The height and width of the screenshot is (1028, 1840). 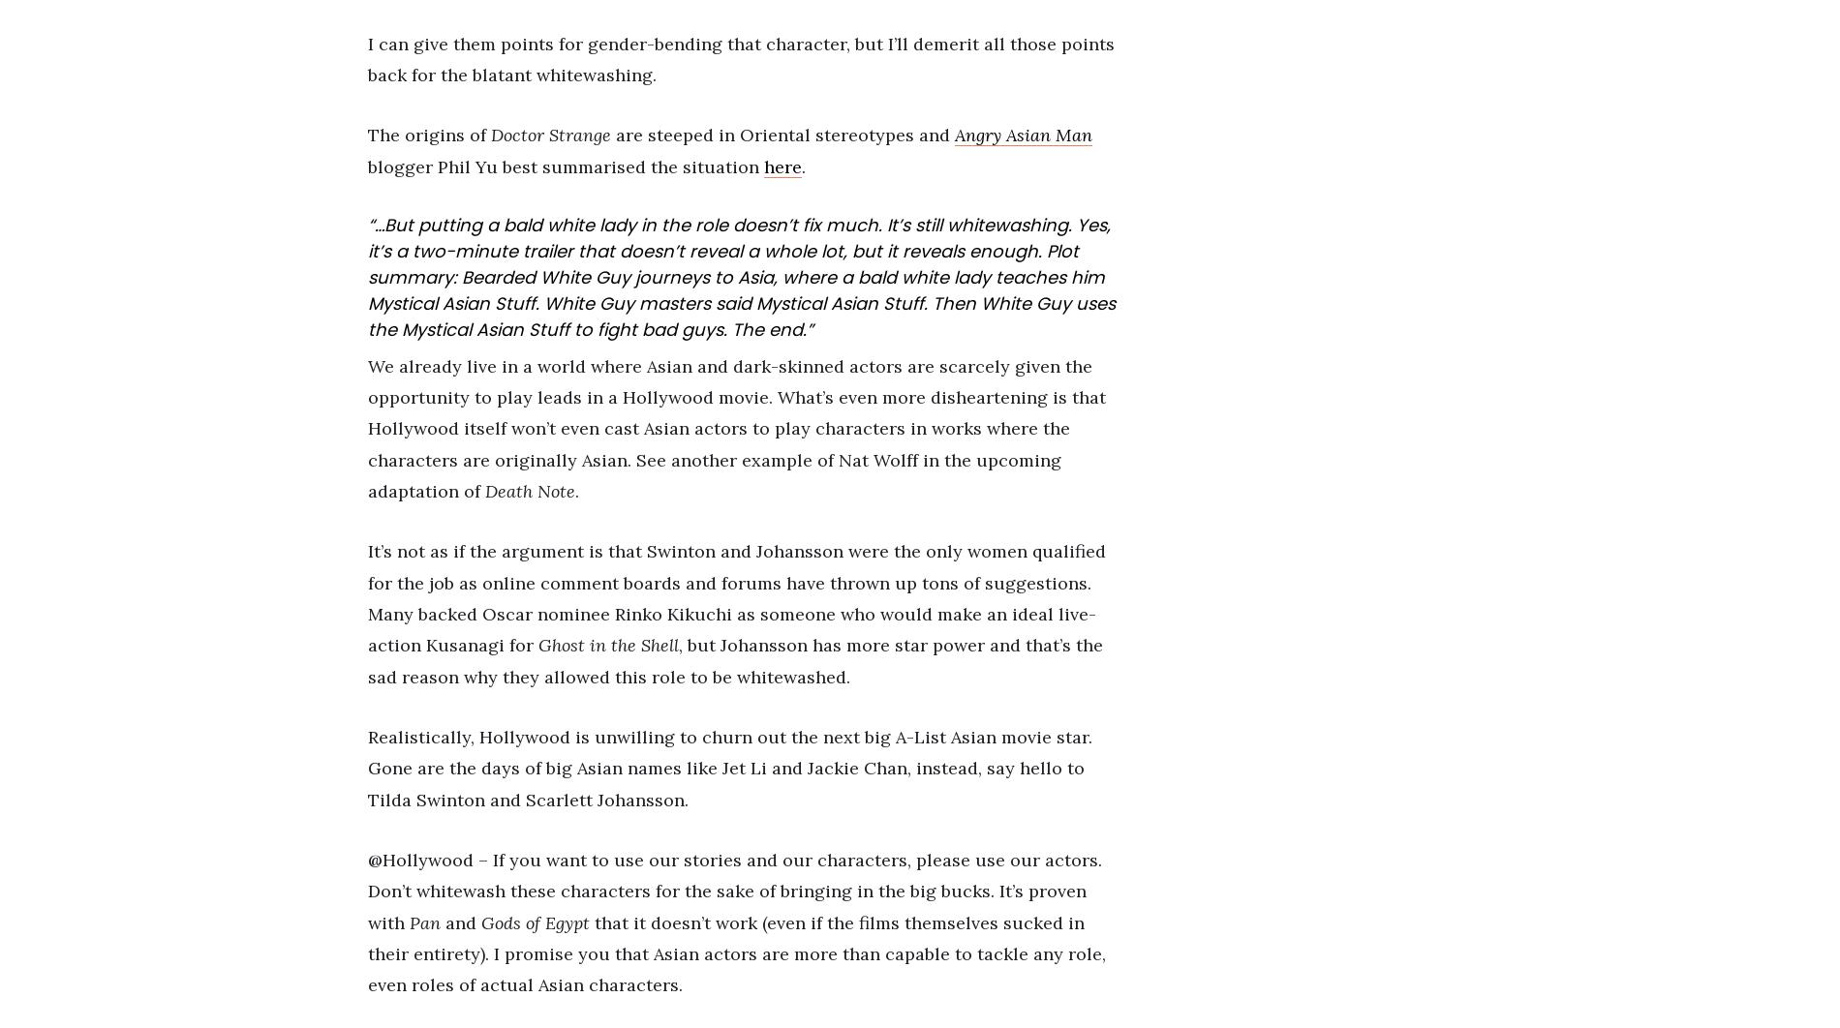 I want to click on ', but Johansson has more star power and that’s the sad reason why they allowed this role to be whitewashed.', so click(x=367, y=660).